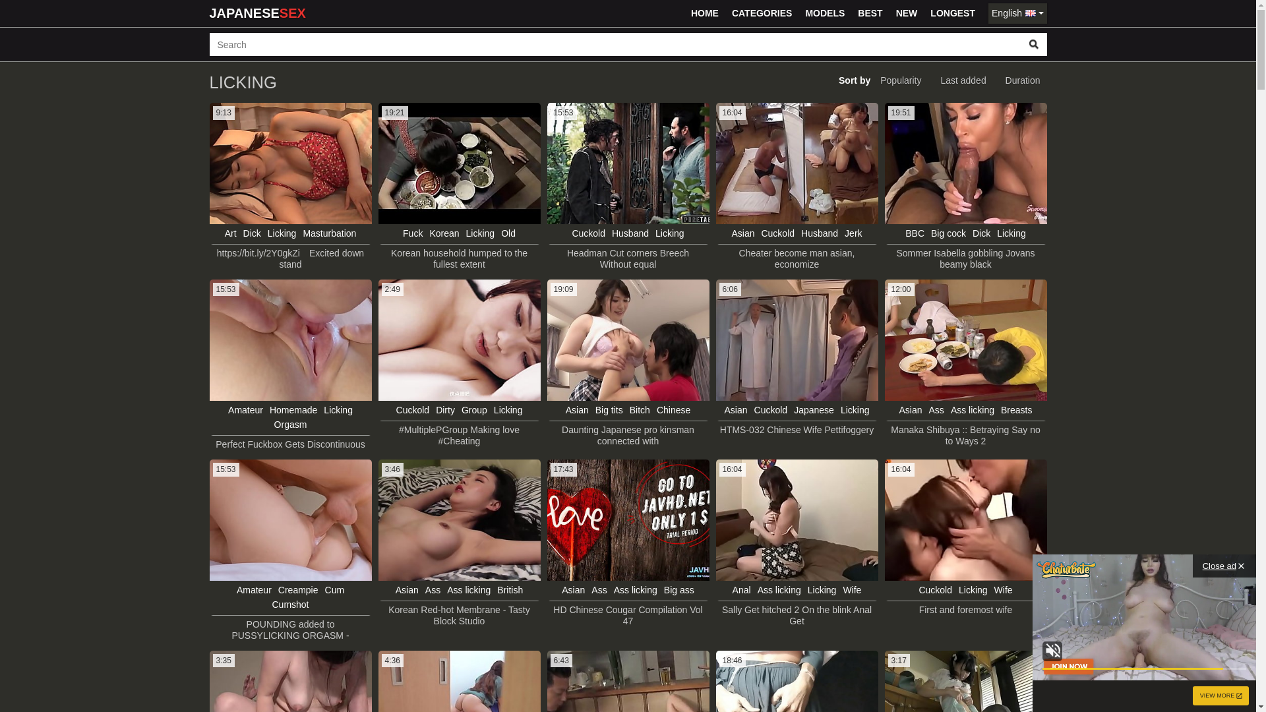  What do you see at coordinates (994, 589) in the screenshot?
I see `'Wife'` at bounding box center [994, 589].